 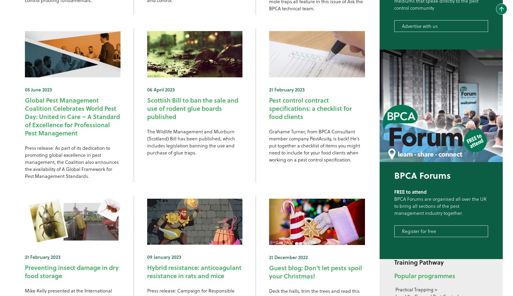 I want to click on 'FREE to attend', so click(x=410, y=191).